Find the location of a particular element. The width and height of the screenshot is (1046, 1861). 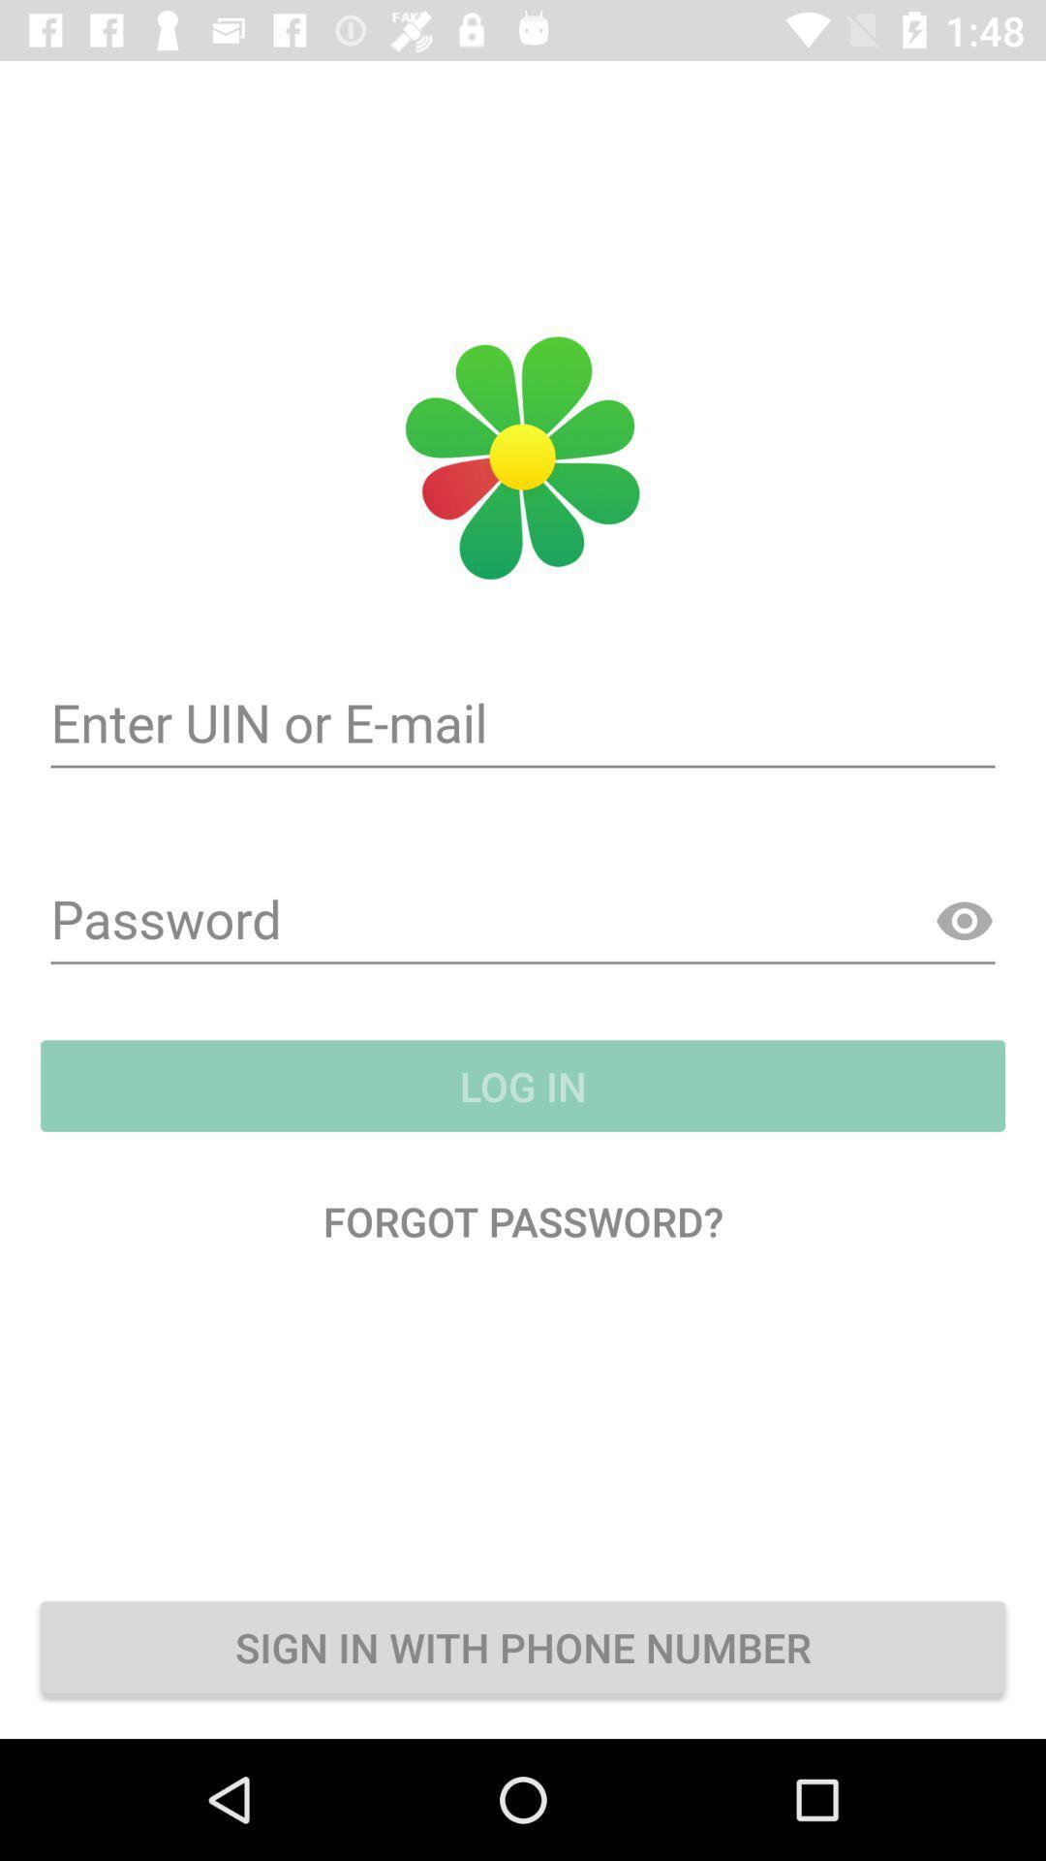

item above the forgot password? item is located at coordinates (523, 1086).